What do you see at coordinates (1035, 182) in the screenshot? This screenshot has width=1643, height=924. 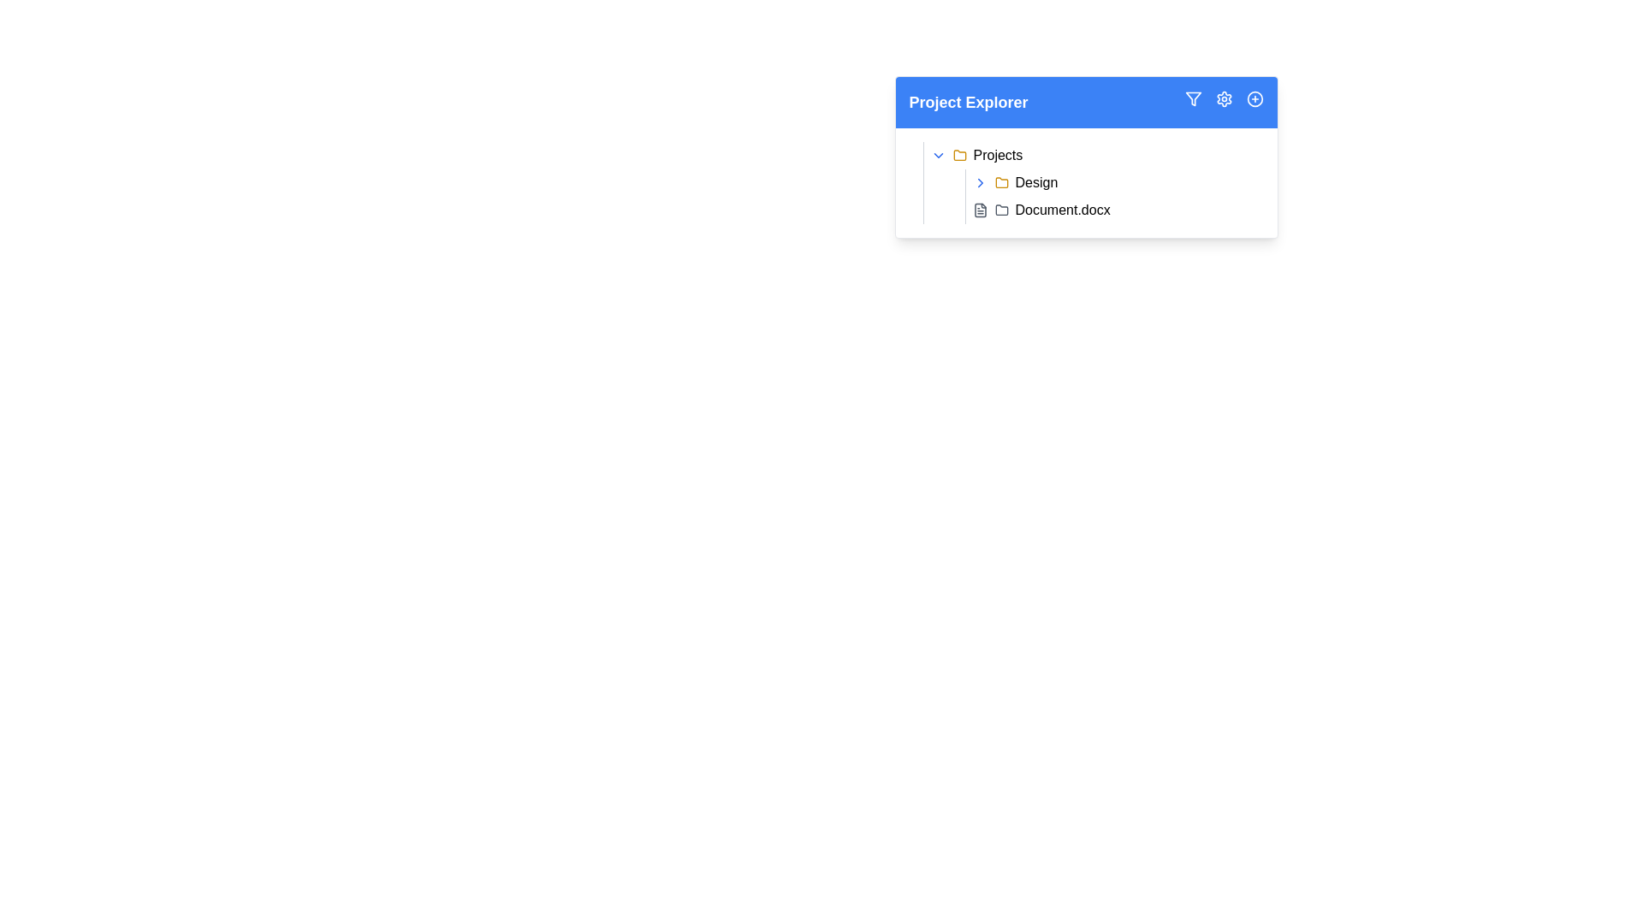 I see `the 'Design' folder label in the 'Project Explorer' panel` at bounding box center [1035, 182].